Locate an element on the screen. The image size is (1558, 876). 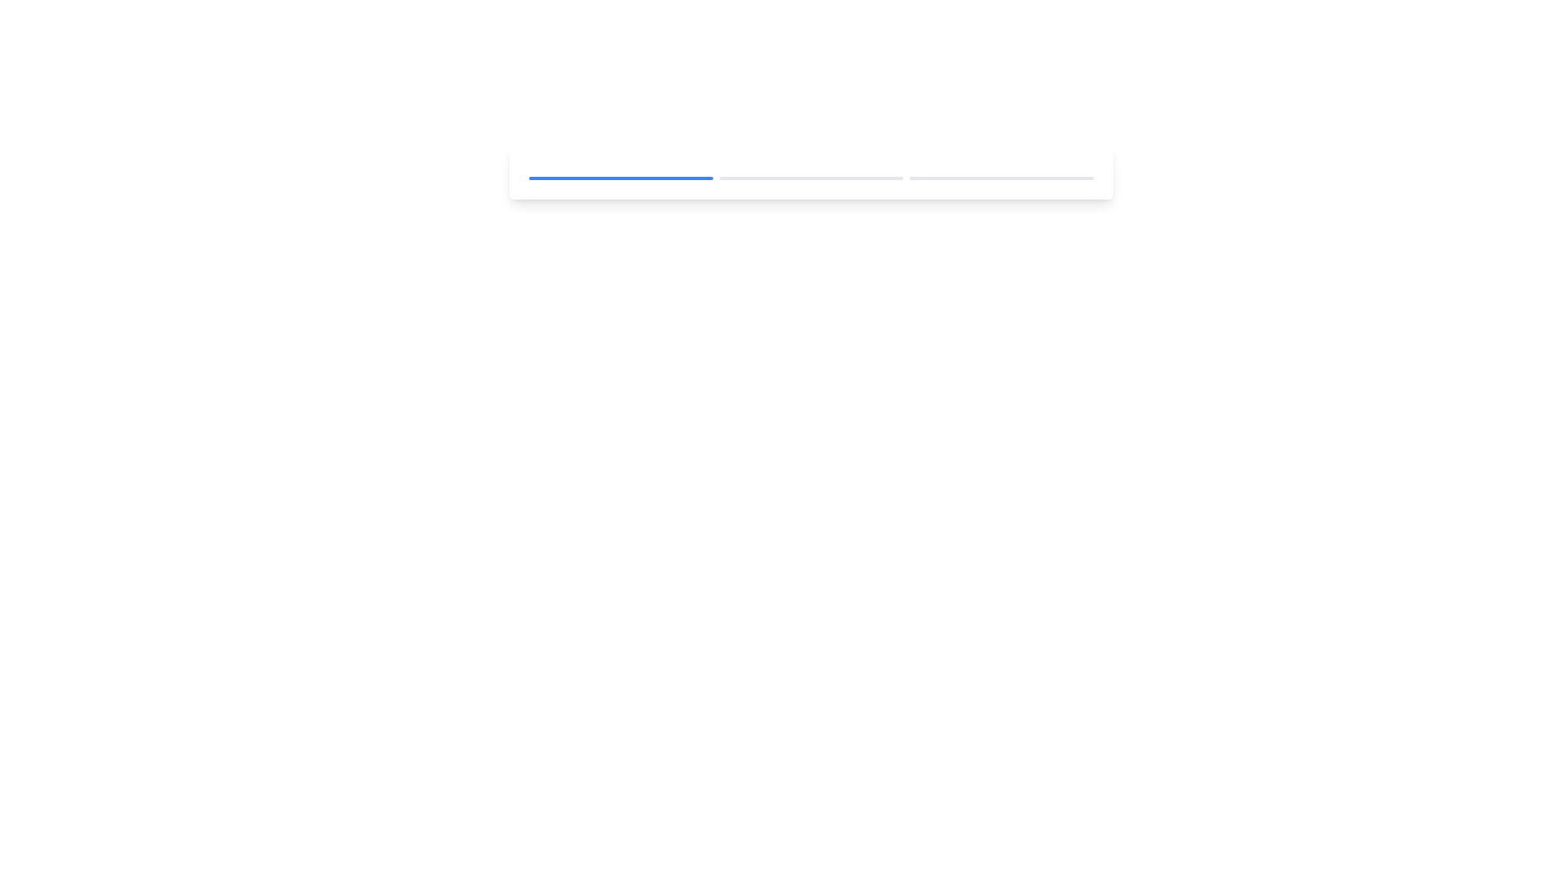
the slider is located at coordinates (850, 178).